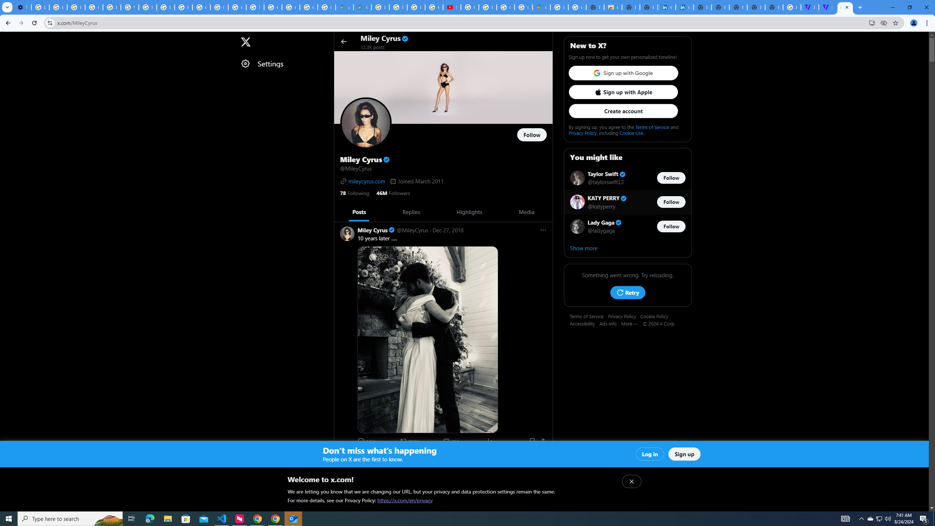 This screenshot has height=526, width=935. Describe the element at coordinates (354, 192) in the screenshot. I see `'78 Following'` at that location.